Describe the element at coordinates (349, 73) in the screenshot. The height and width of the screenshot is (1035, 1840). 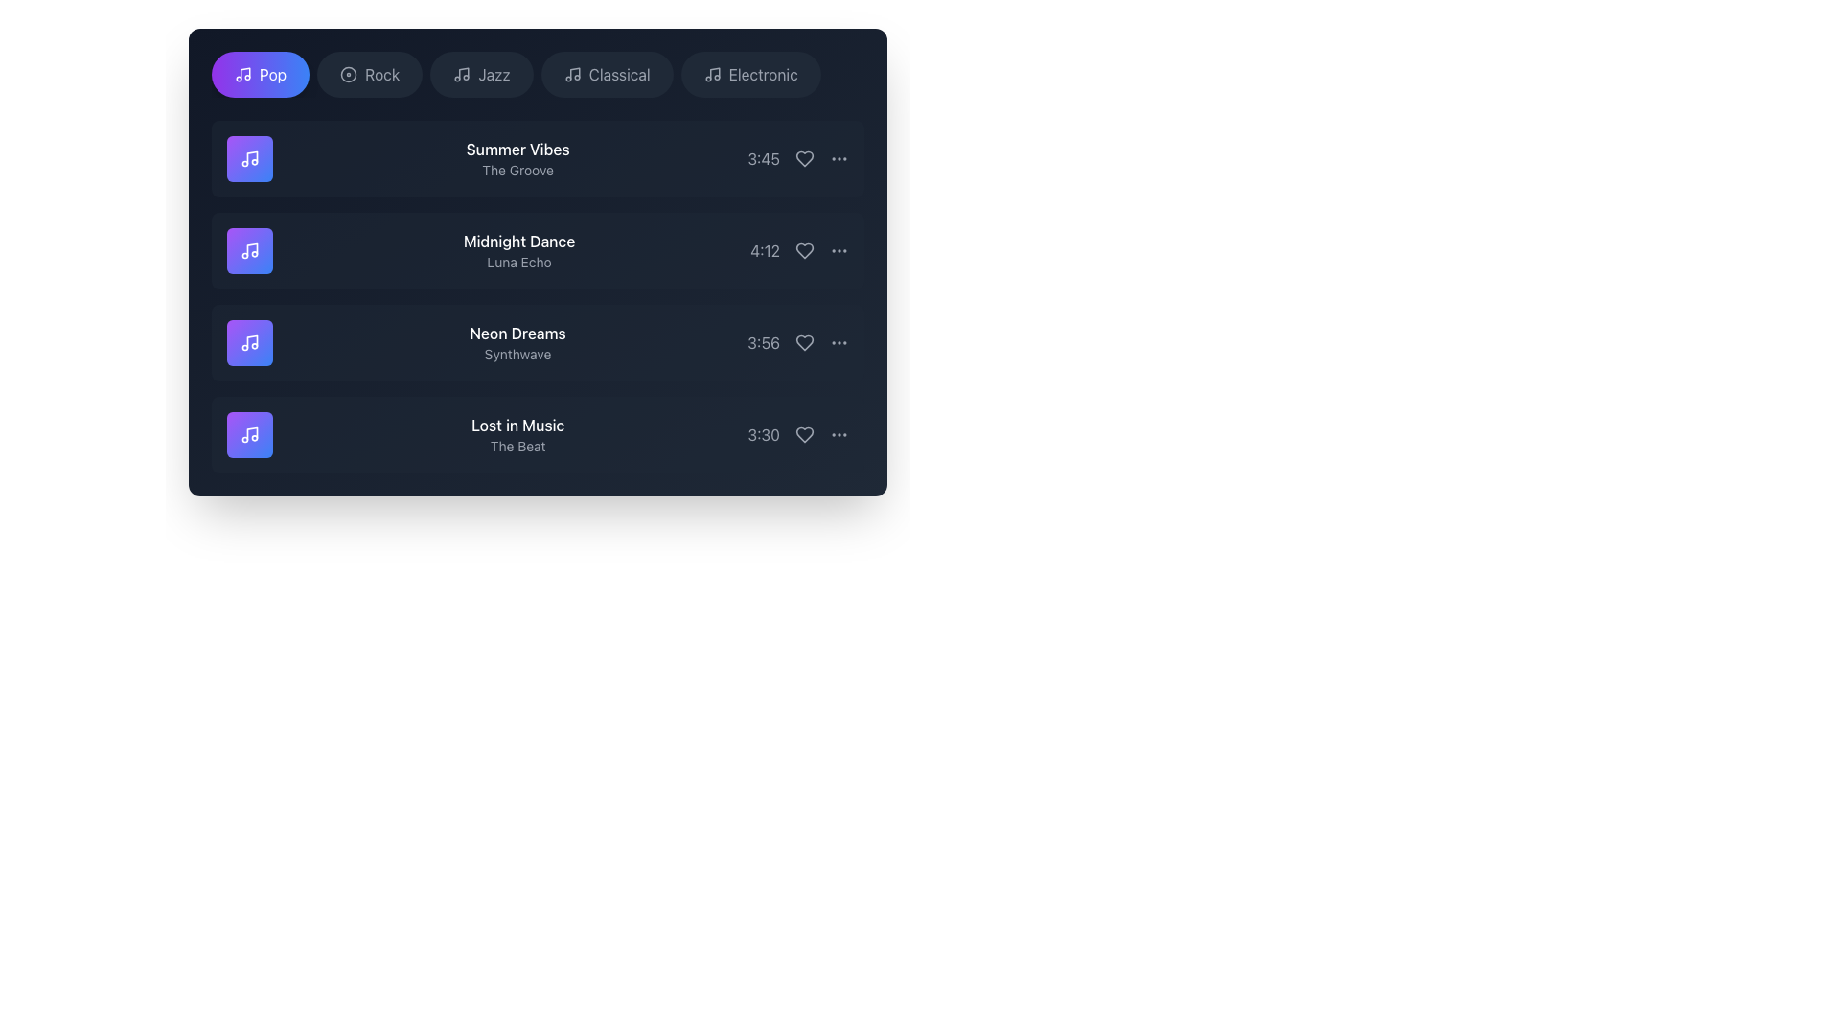
I see `the graphical icon resembling a disc with an outer ring and an inner solid circle, located within the 'Rock' button on the navigation toolbar` at that location.